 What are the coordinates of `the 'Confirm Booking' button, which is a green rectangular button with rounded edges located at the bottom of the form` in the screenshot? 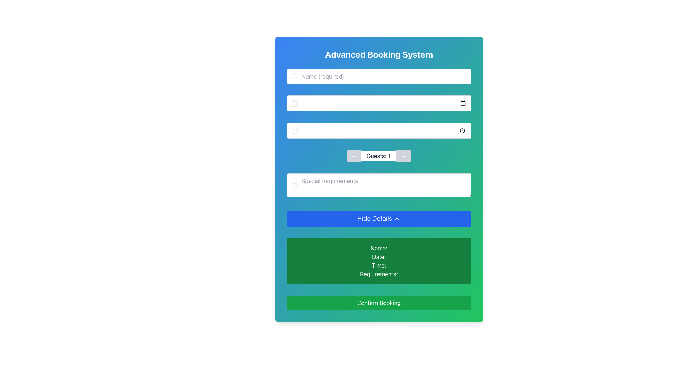 It's located at (378, 303).